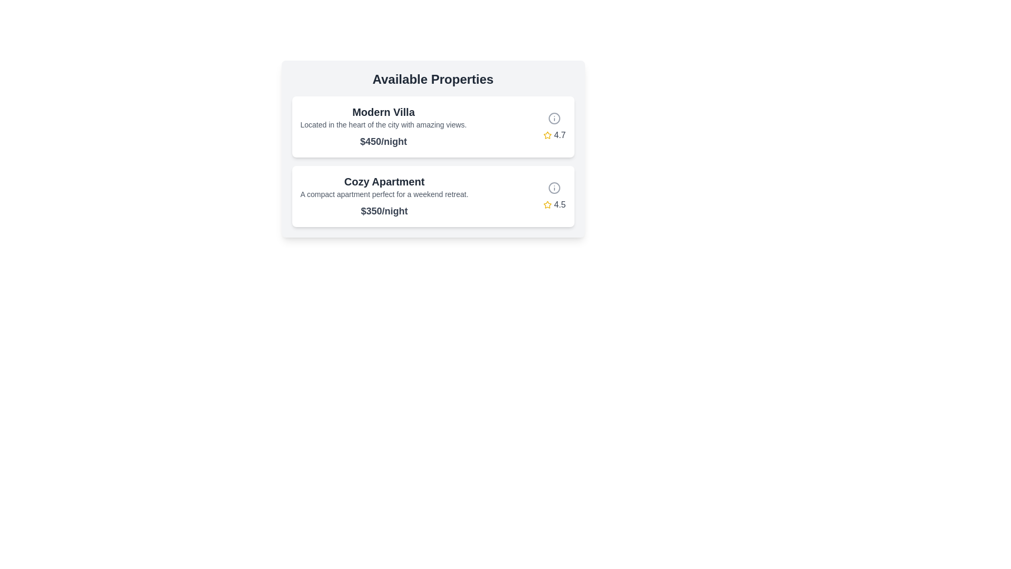 The width and height of the screenshot is (1011, 569). What do you see at coordinates (554, 118) in the screenshot?
I see `the circular icon with a gray outline containing an exclamation mark, located above the star icon and to the right of the numerical rating '4.7' in the 'Modern Villa' property listing` at bounding box center [554, 118].